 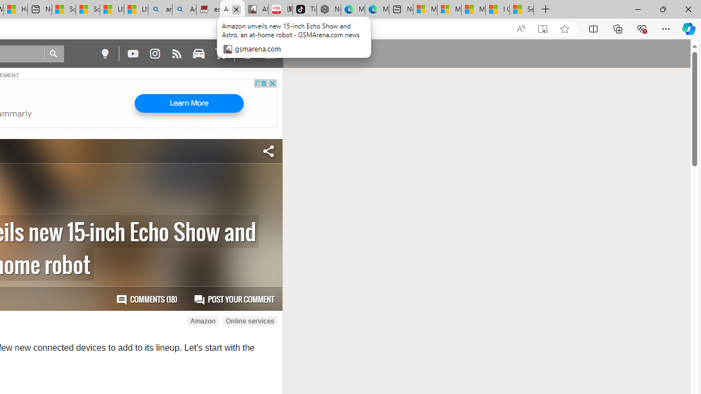 I want to click on 'Learn More', so click(x=188, y=103).